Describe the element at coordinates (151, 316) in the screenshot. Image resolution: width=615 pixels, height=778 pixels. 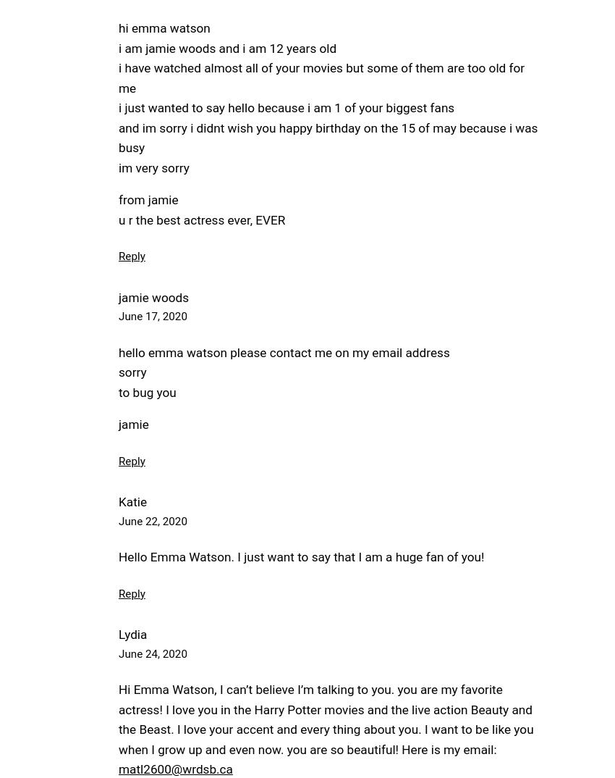
I see `'June 17, 2020'` at that location.